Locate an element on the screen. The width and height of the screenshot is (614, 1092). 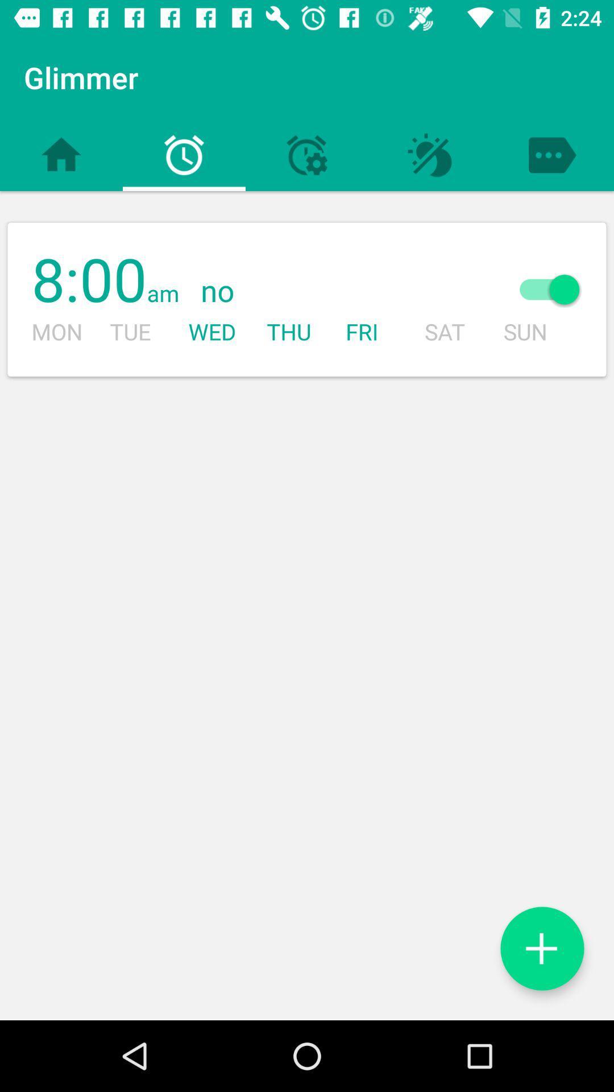
the item next to the sun item is located at coordinates (333, 292).